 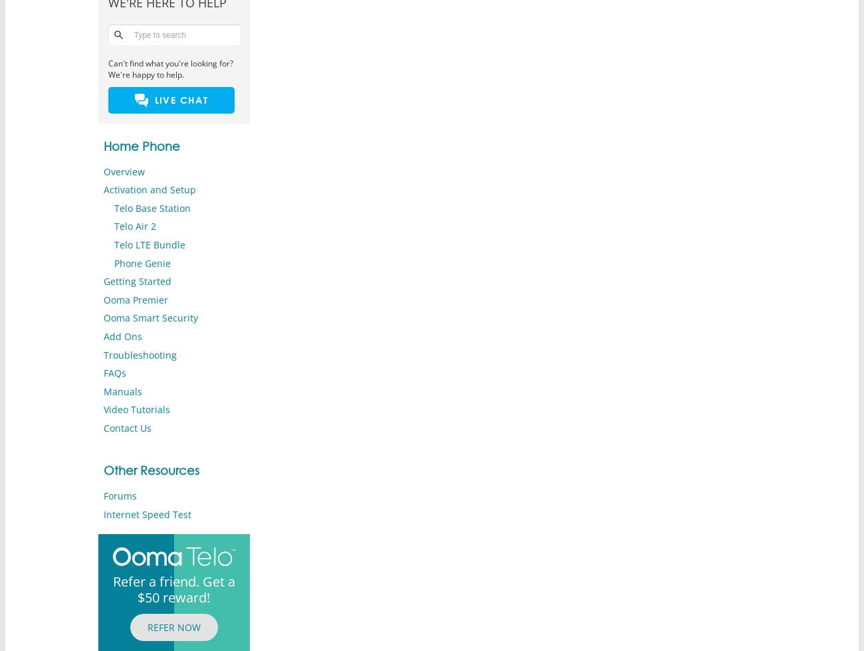 What do you see at coordinates (173, 626) in the screenshot?
I see `'REFER NOW'` at bounding box center [173, 626].